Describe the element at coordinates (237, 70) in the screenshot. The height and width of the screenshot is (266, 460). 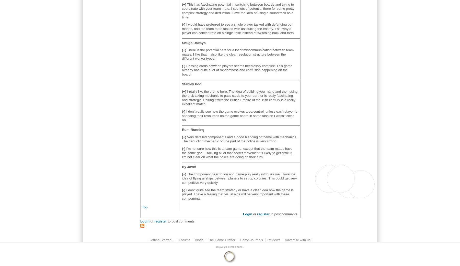
I see `'Passing cards between players seems needlessly complex. This game already has quite a lot of randomness and confusion happening on the board.'` at that location.